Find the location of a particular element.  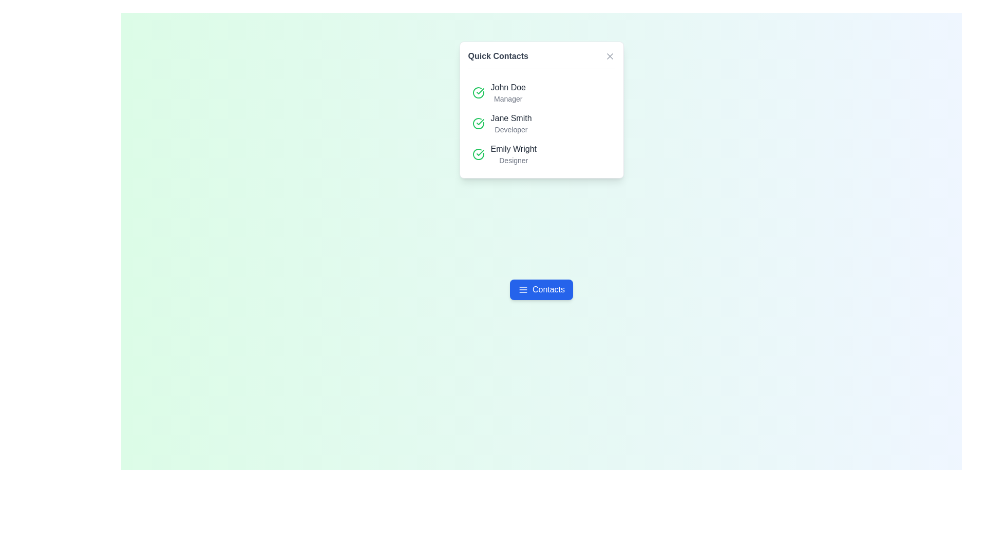

the menu icon consisting of three horizontal lines, which is styled in white and located inside the blue button labeled 'Contacts' is located at coordinates (523, 289).